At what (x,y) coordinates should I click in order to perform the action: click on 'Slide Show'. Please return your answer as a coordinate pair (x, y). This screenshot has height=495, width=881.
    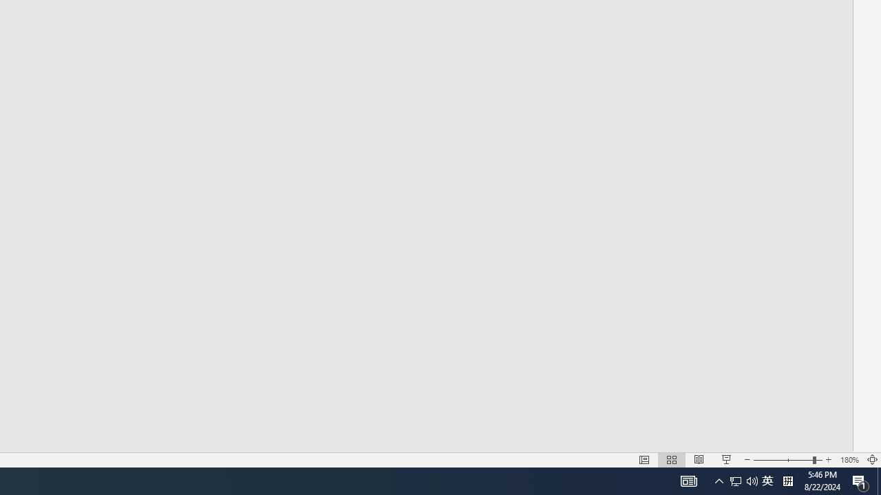
    Looking at the image, I should click on (726, 460).